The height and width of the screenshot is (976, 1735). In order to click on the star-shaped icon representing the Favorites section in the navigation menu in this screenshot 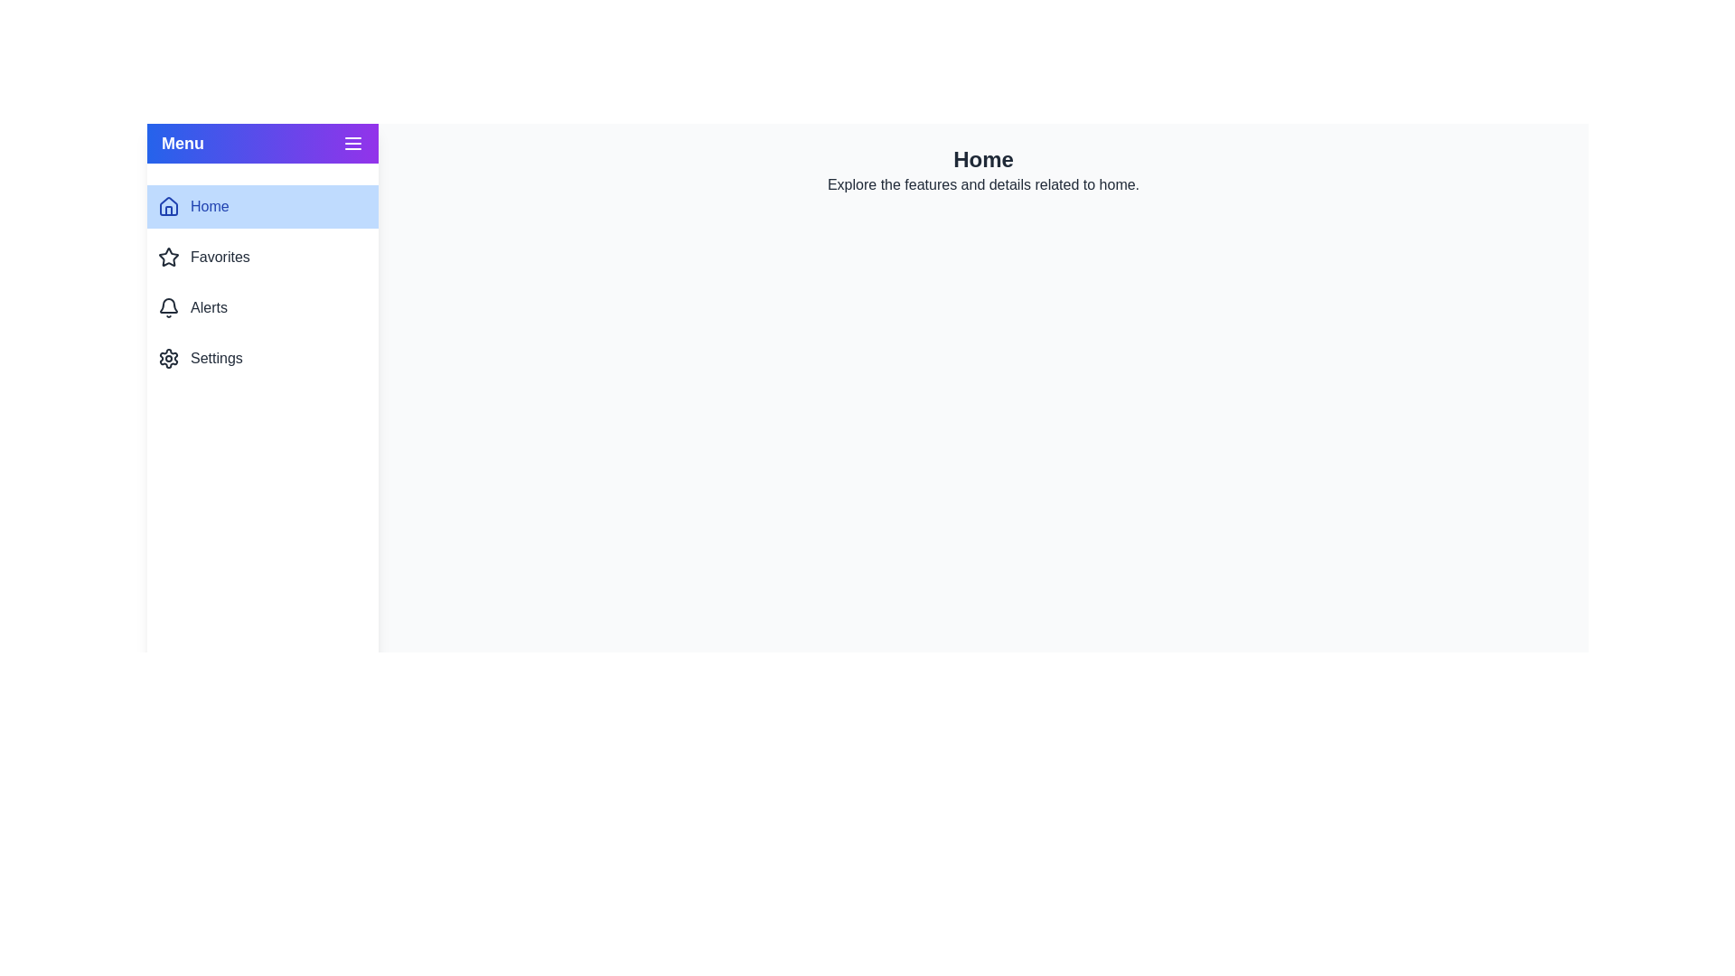, I will do `click(169, 257)`.